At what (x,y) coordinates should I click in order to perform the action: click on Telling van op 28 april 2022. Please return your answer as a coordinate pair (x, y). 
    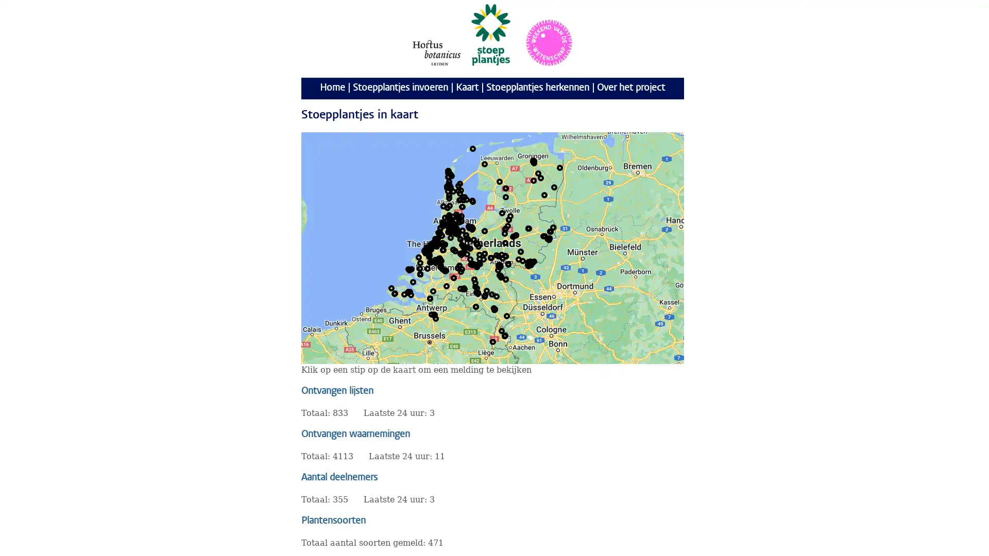
    Looking at the image, I should click on (450, 226).